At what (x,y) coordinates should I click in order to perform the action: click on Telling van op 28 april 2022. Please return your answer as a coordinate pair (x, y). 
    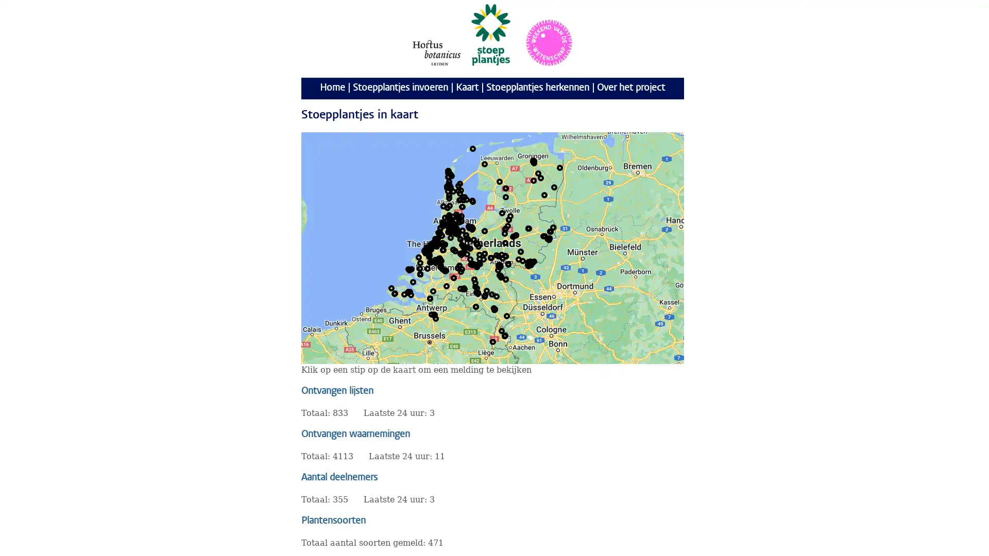
    Looking at the image, I should click on (450, 226).